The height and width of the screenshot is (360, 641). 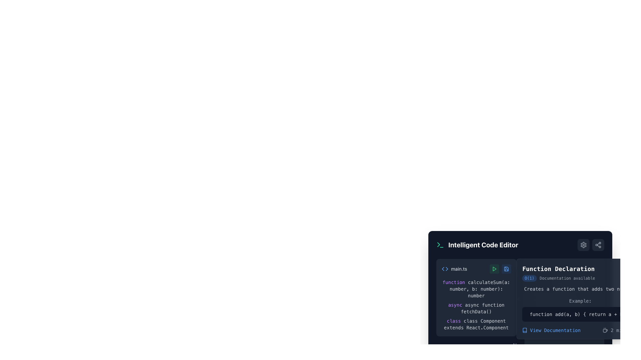 I want to click on the save icon element, which is part of an SVG graphic located in the bottom-right corner of the interface, indicating saving actions, so click(x=506, y=268).